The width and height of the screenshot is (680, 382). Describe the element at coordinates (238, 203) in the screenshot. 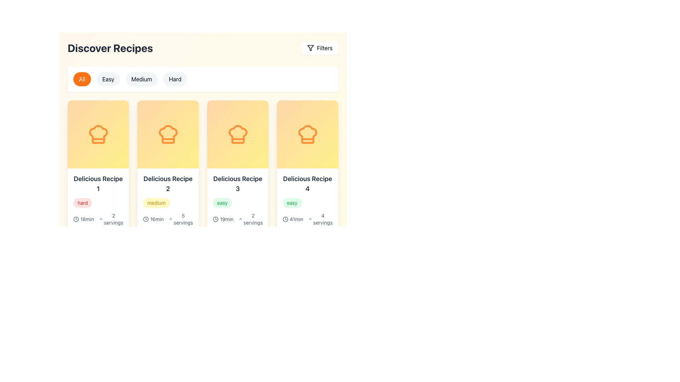

I see `the badge displaying the text 'easy' in lowercase, which has a light green background and darker green text, located below the title 'Delicious Recipe 3'` at that location.